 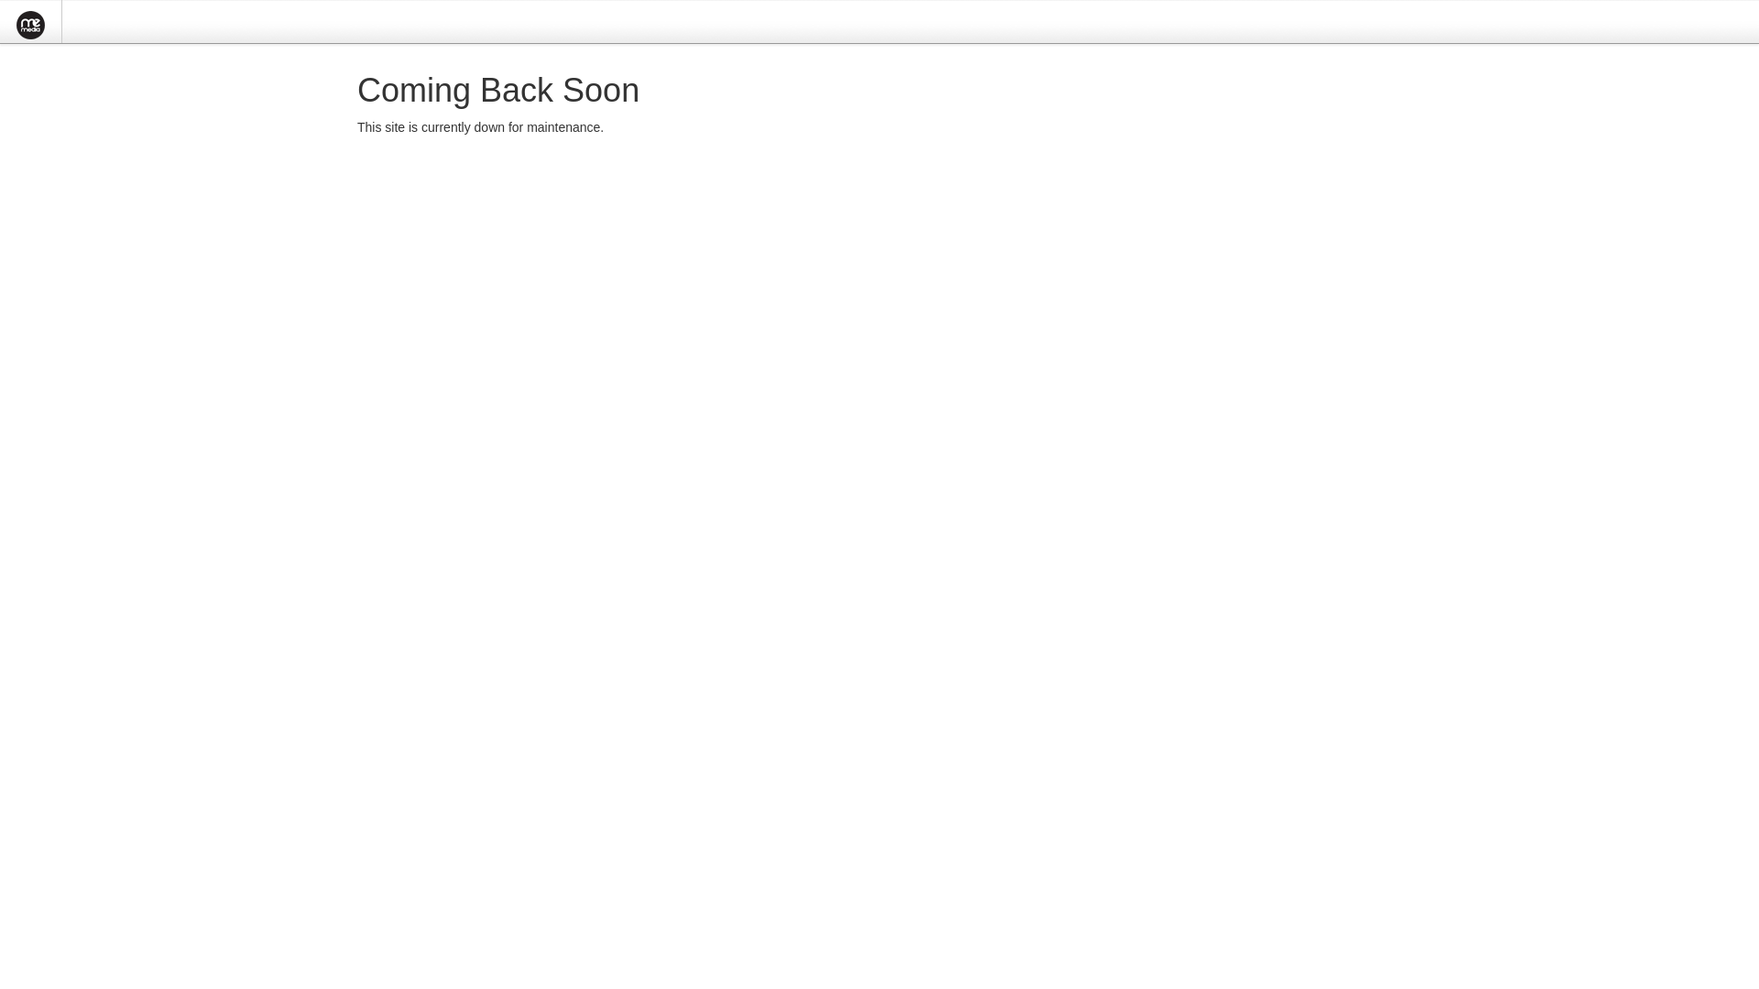 What do you see at coordinates (30, 25) in the screenshot?
I see `'MeMedia CMSME'` at bounding box center [30, 25].